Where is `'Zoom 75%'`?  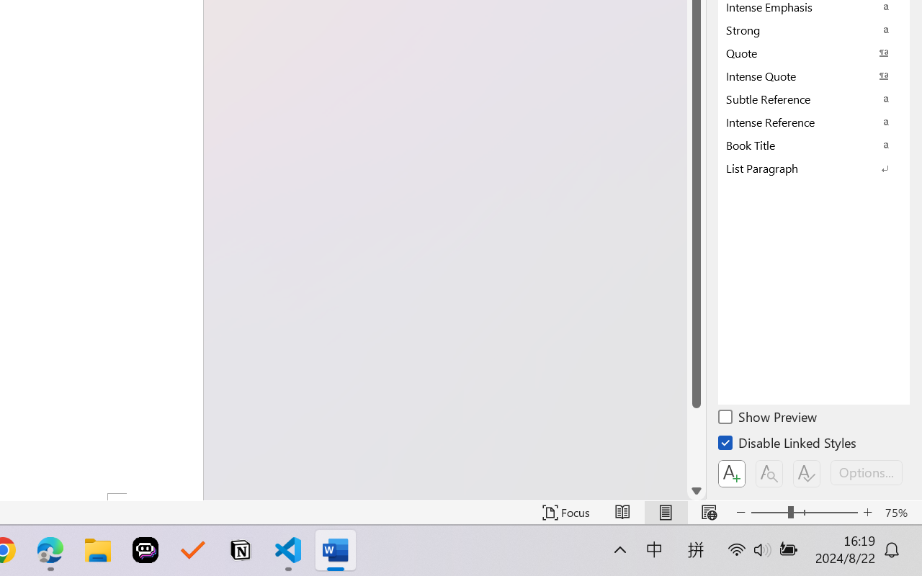
'Zoom 75%' is located at coordinates (899, 512).